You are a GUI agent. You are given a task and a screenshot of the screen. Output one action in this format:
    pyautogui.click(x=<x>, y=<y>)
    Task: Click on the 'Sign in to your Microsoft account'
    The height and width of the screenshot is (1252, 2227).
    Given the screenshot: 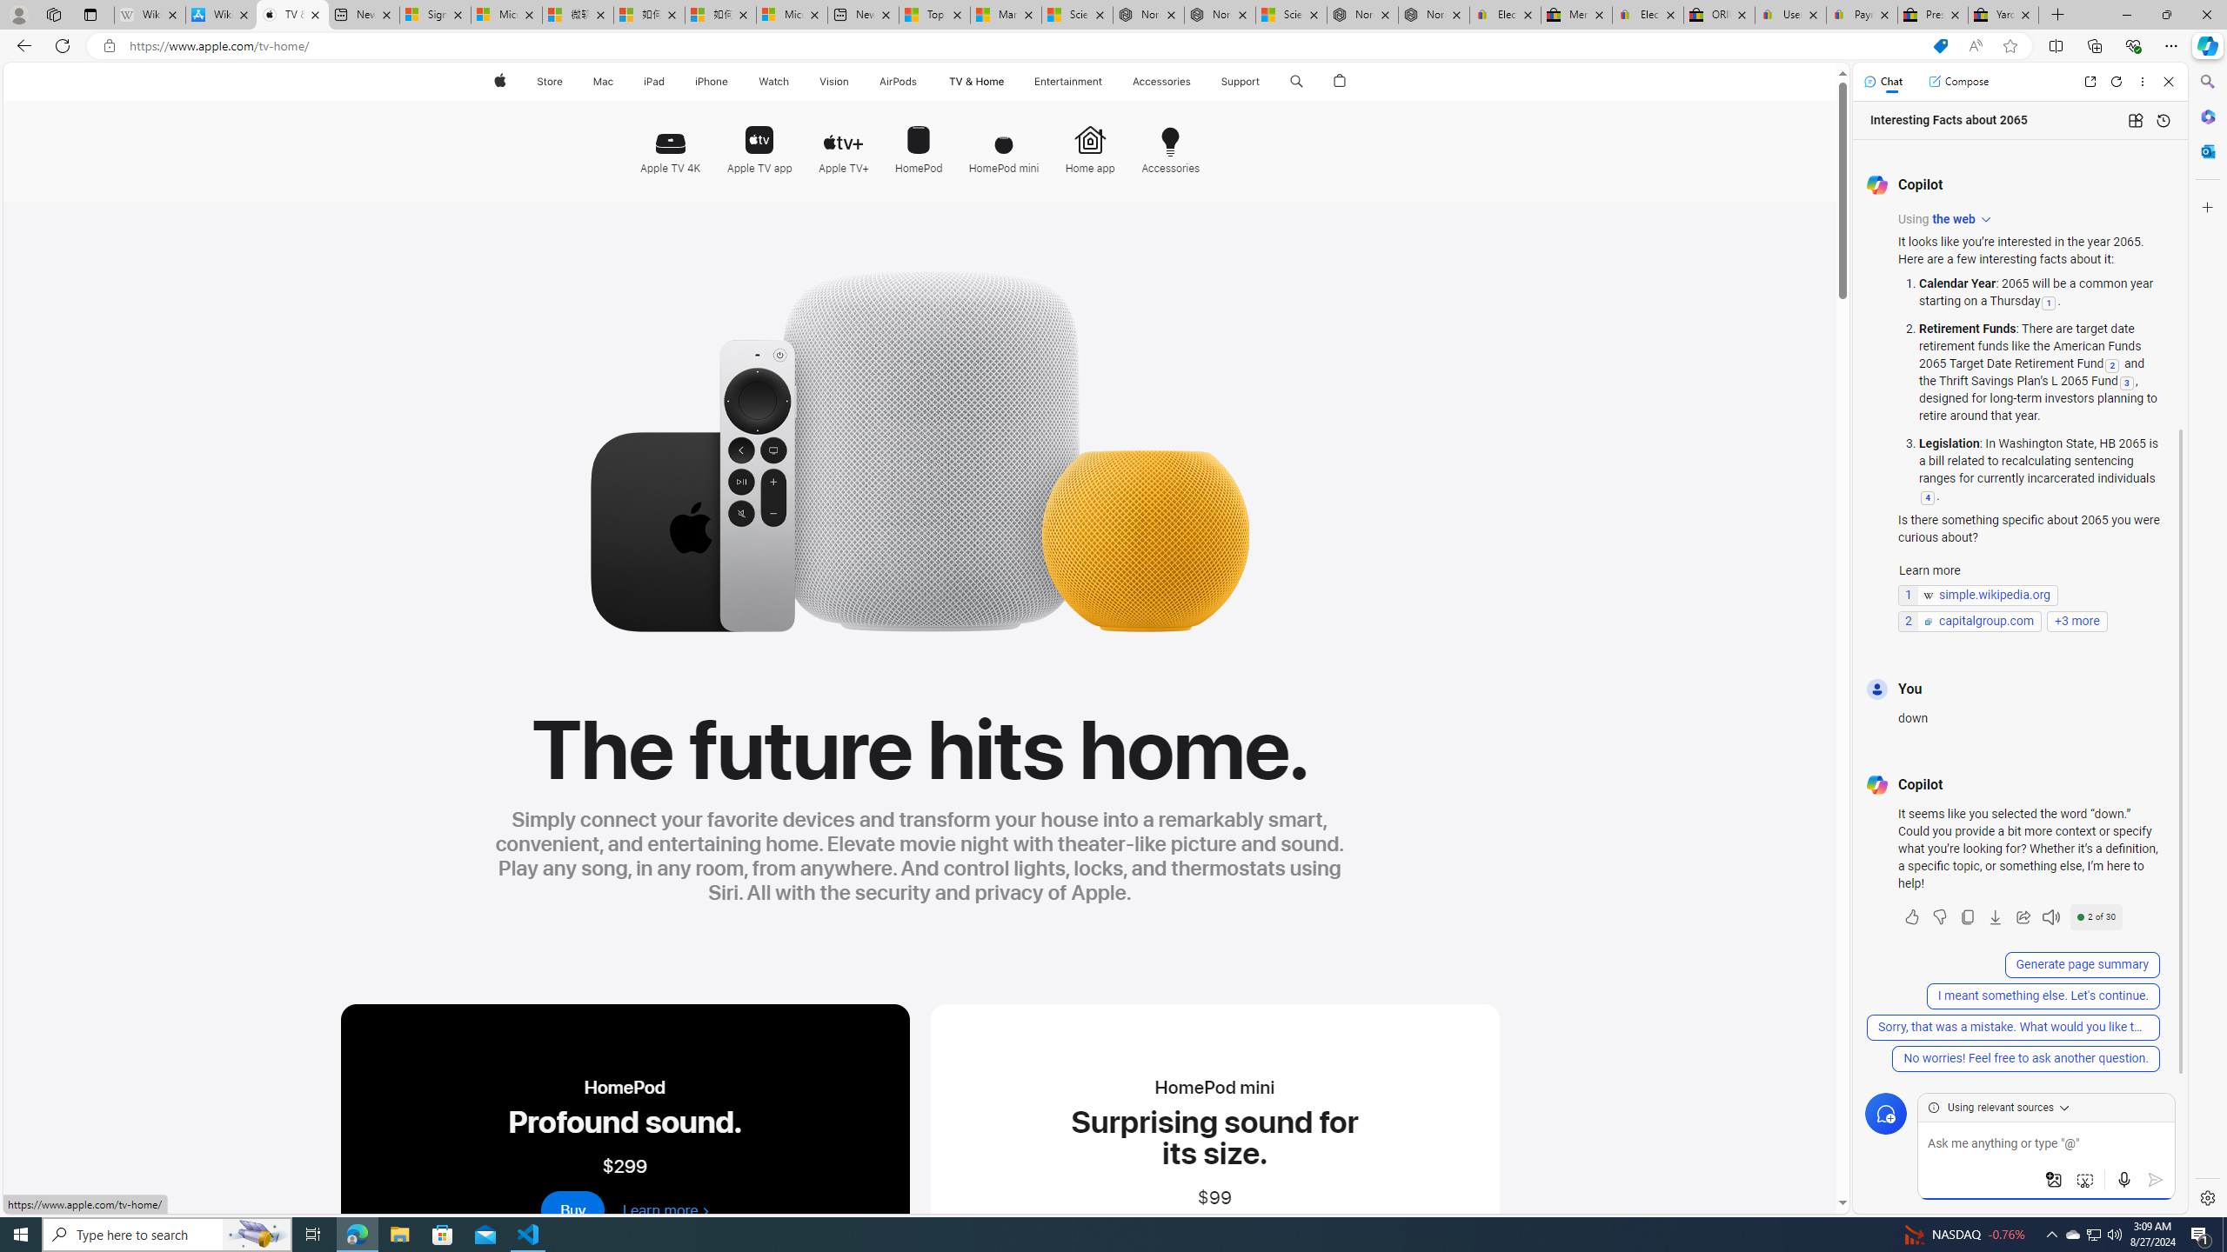 What is the action you would take?
    pyautogui.click(x=435, y=14)
    